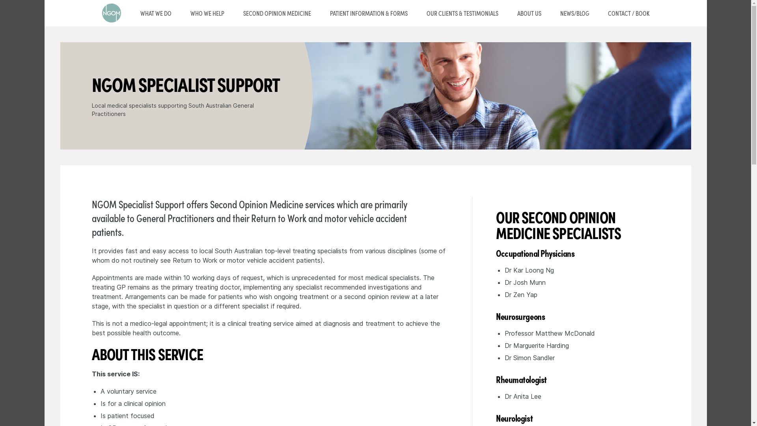  I want to click on 'WHO WE HELP', so click(207, 13).